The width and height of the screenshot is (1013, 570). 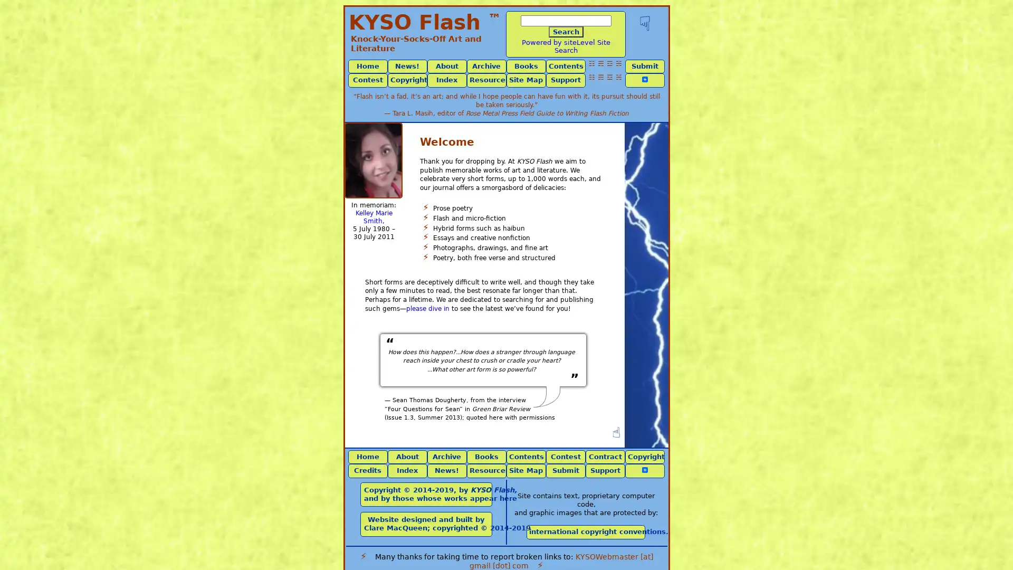 What do you see at coordinates (566, 31) in the screenshot?
I see `Search` at bounding box center [566, 31].